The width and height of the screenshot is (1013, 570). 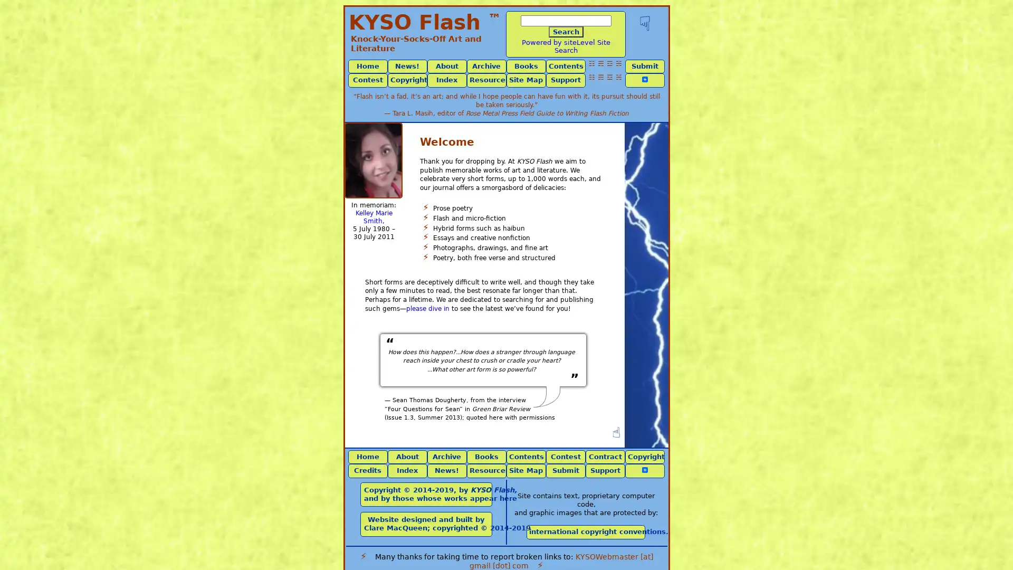 What do you see at coordinates (566, 31) in the screenshot?
I see `Search` at bounding box center [566, 31].